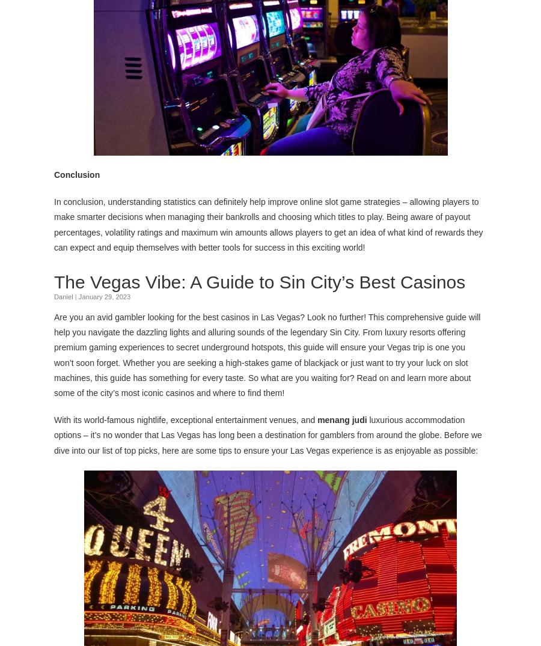  Describe the element at coordinates (104, 295) in the screenshot. I see `'January 29, 2023'` at that location.